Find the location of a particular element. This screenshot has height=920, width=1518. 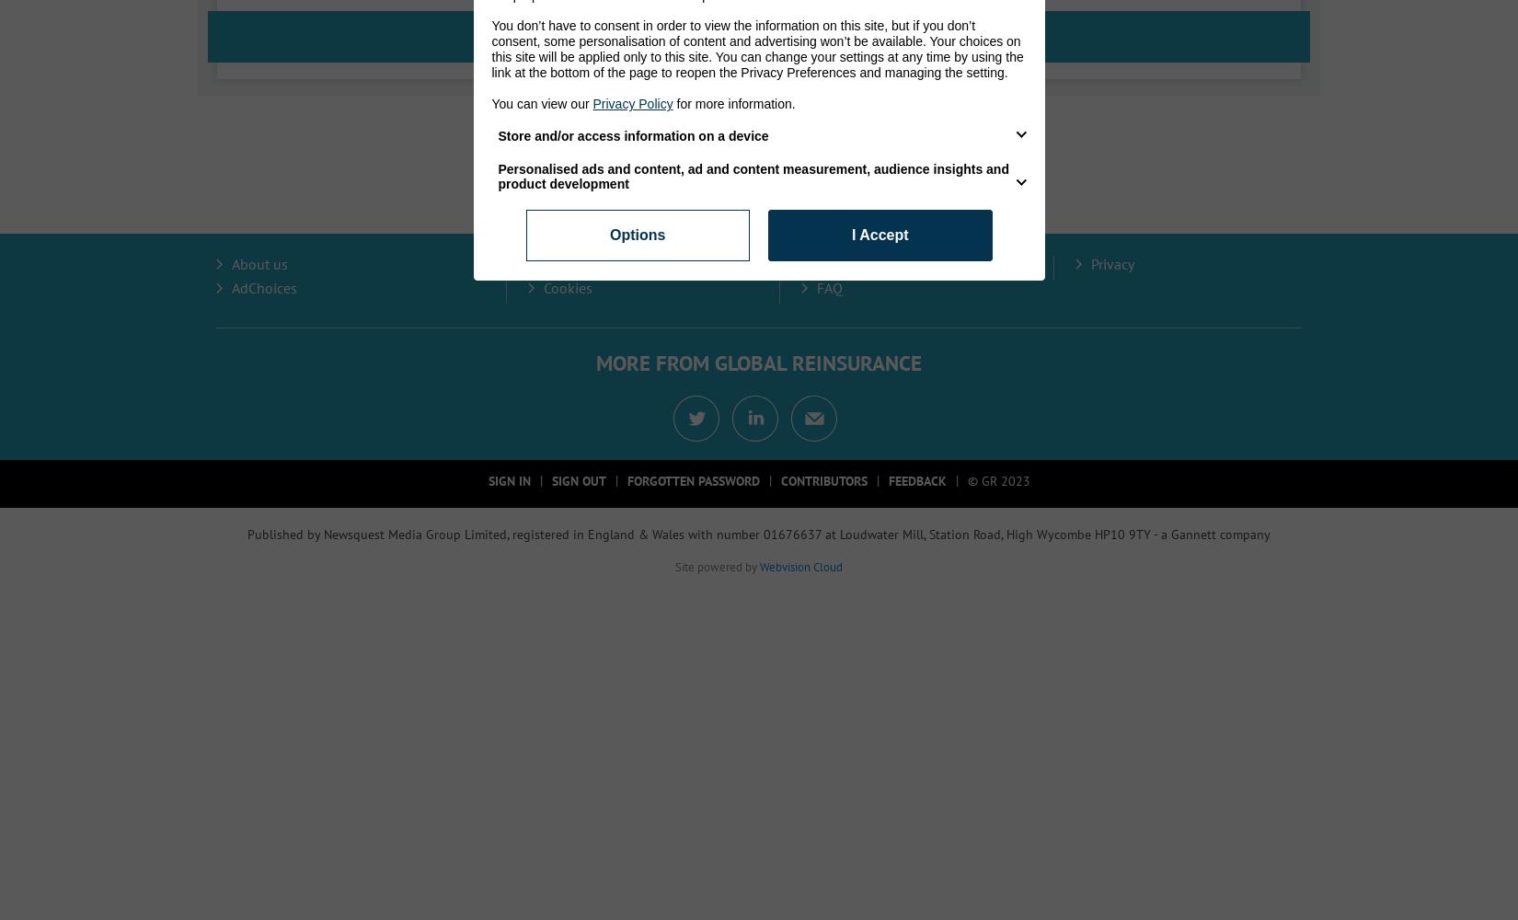

'Contributors' is located at coordinates (822, 481).